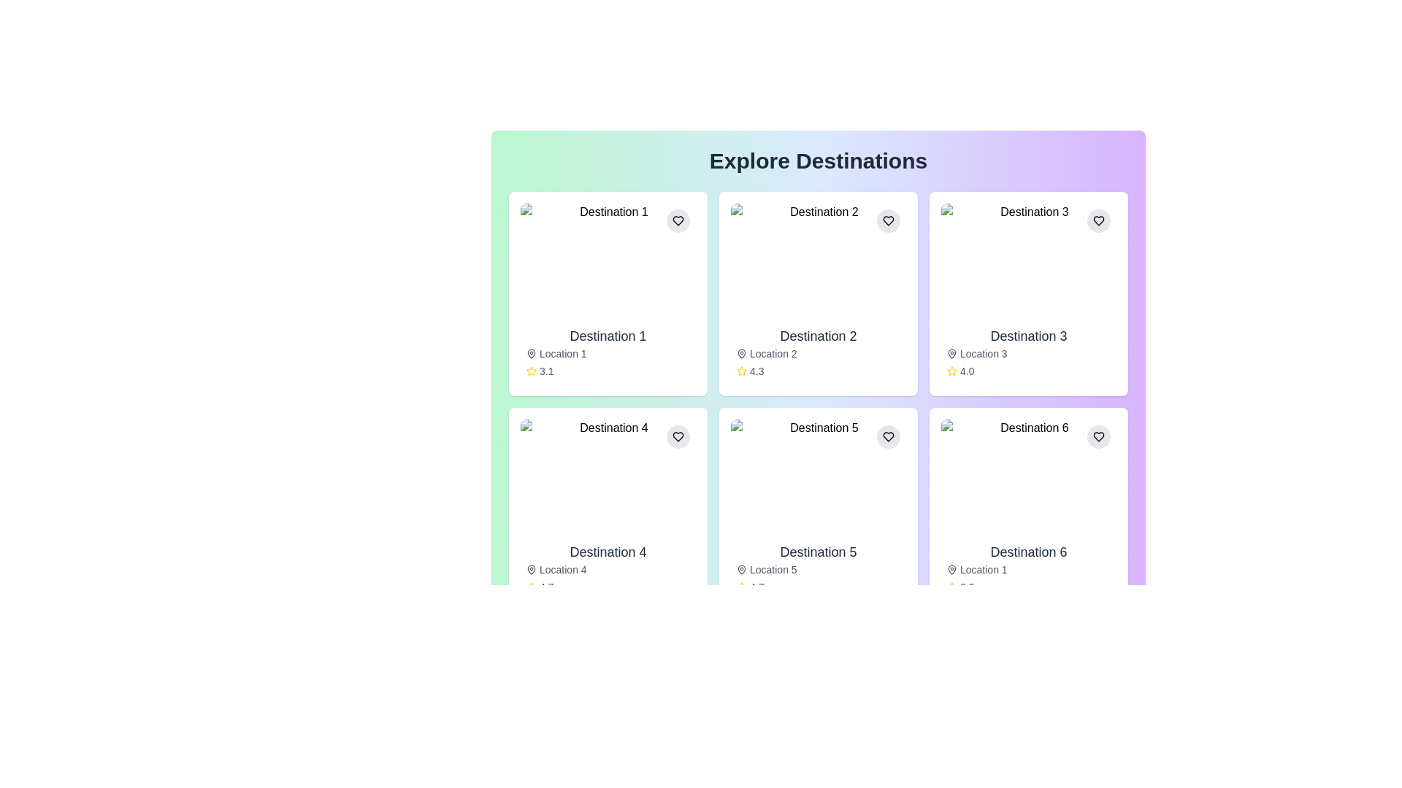 This screenshot has height=788, width=1402. Describe the element at coordinates (952, 371) in the screenshot. I see `the first star icon representing the rating score for 'Destination 3', which is located to the left of the text '4.0' in the rating section of the card` at that location.